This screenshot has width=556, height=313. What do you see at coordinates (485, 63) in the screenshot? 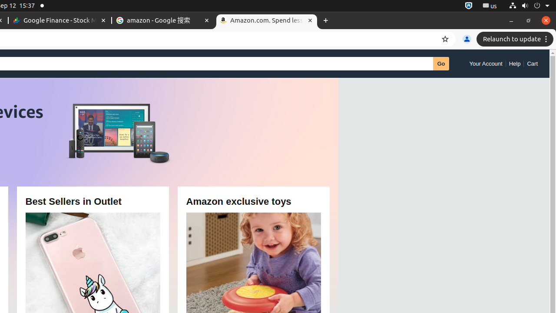
I see `'Your Account'` at bounding box center [485, 63].